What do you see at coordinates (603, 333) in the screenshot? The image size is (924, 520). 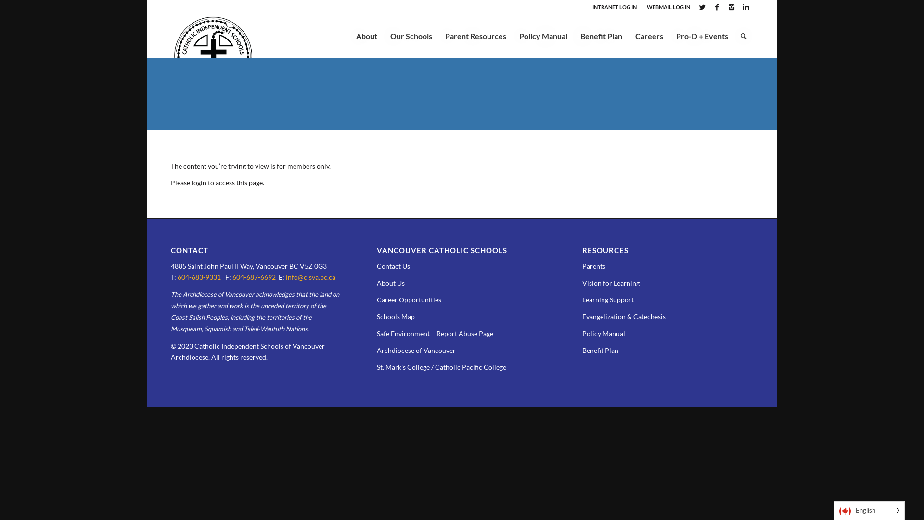 I see `'Policy Manual'` at bounding box center [603, 333].